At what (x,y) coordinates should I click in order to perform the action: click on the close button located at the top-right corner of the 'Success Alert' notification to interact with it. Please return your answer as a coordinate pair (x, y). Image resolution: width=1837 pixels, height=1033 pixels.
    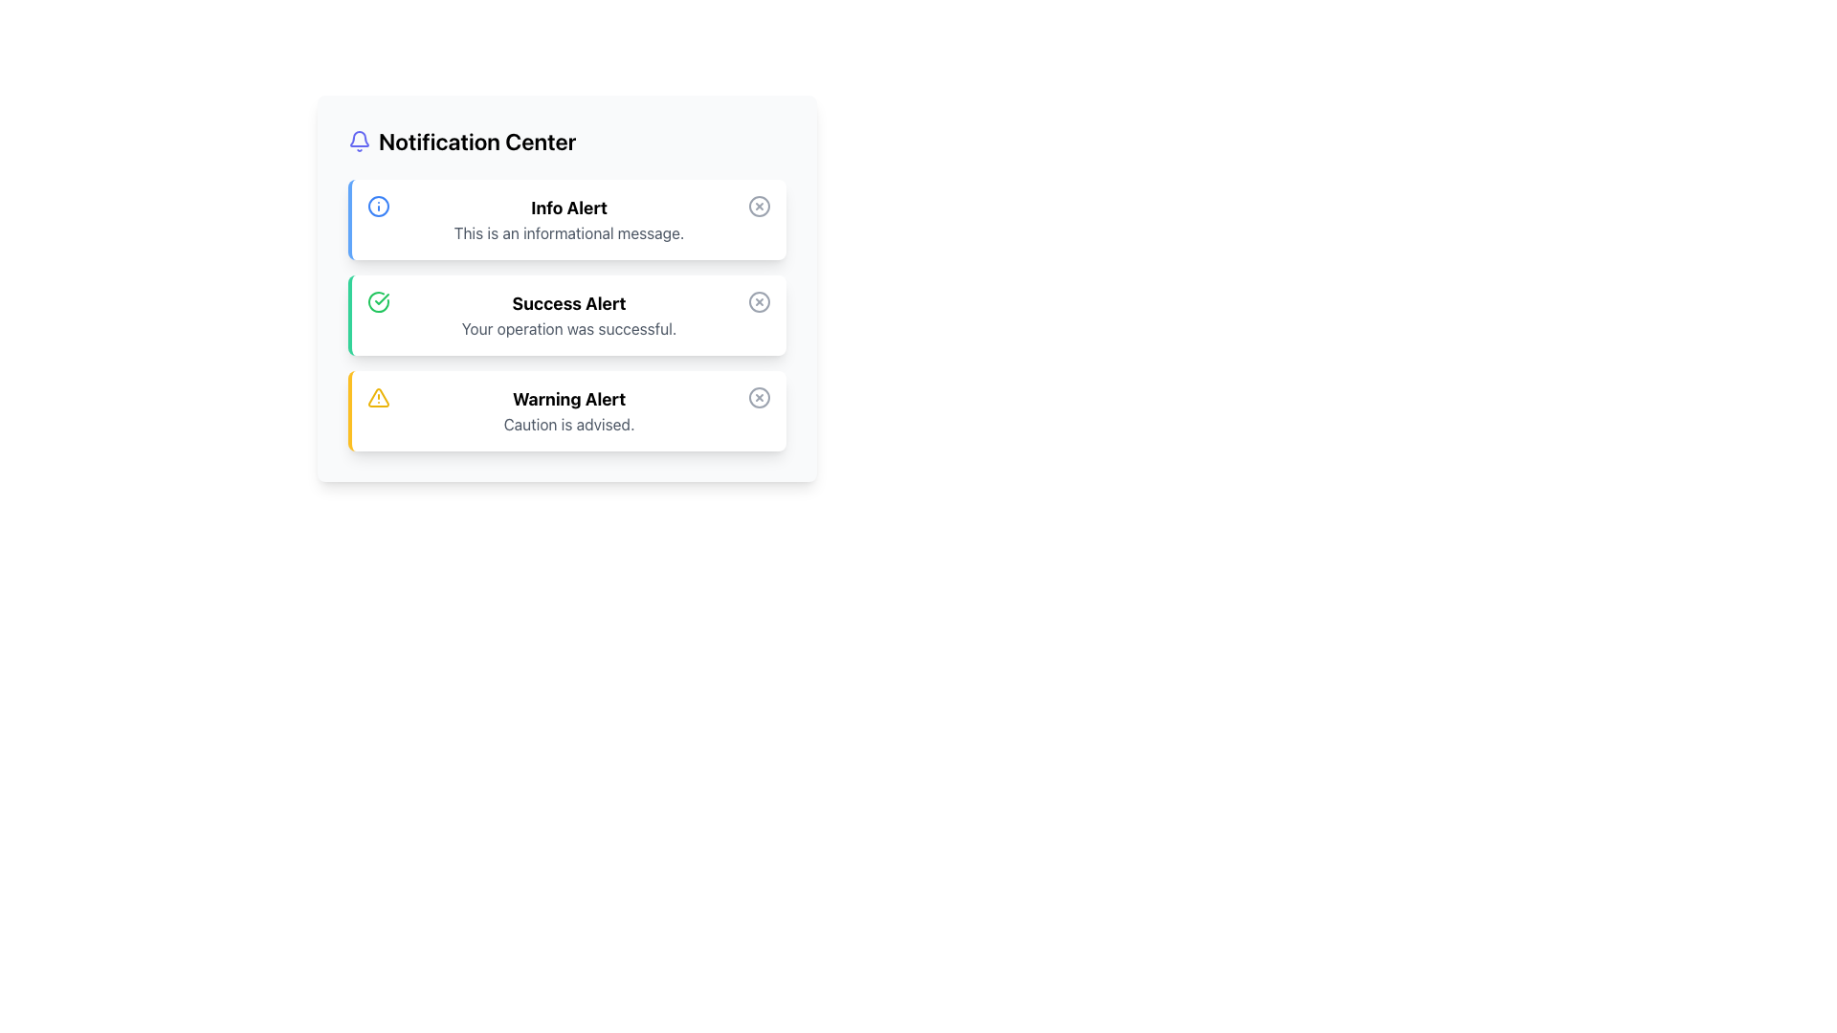
    Looking at the image, I should click on (758, 301).